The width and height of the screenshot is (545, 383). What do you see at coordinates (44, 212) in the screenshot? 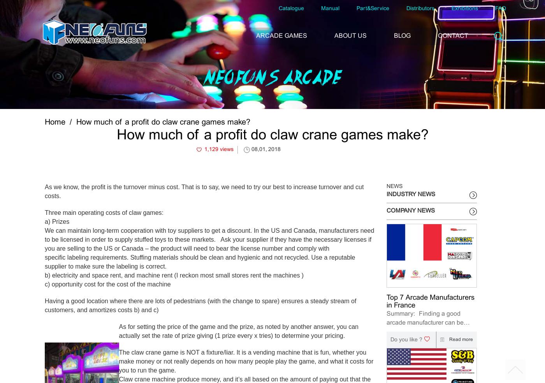
I see `'Three main operating costs of claw games:'` at bounding box center [44, 212].